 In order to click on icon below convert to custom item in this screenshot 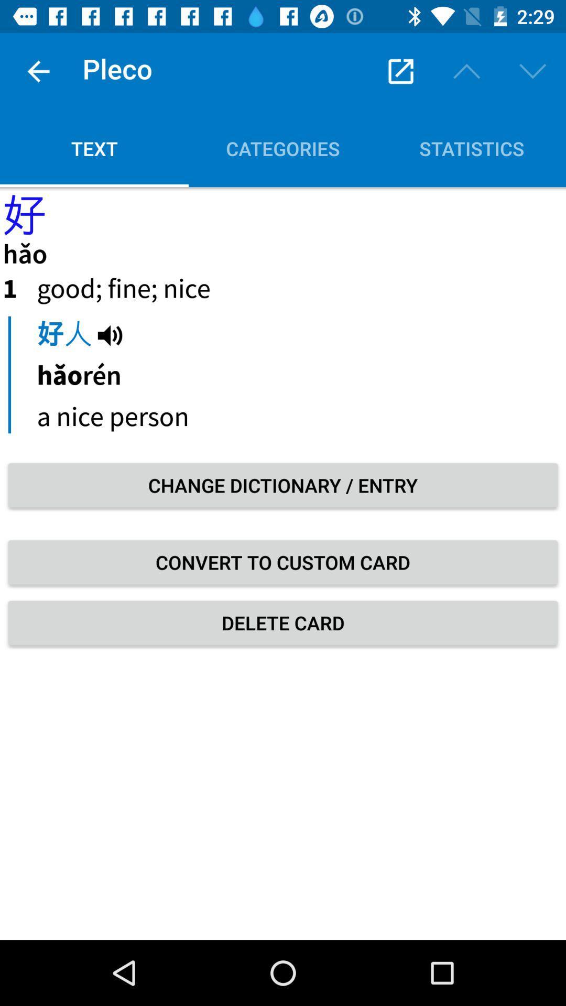, I will do `click(283, 622)`.